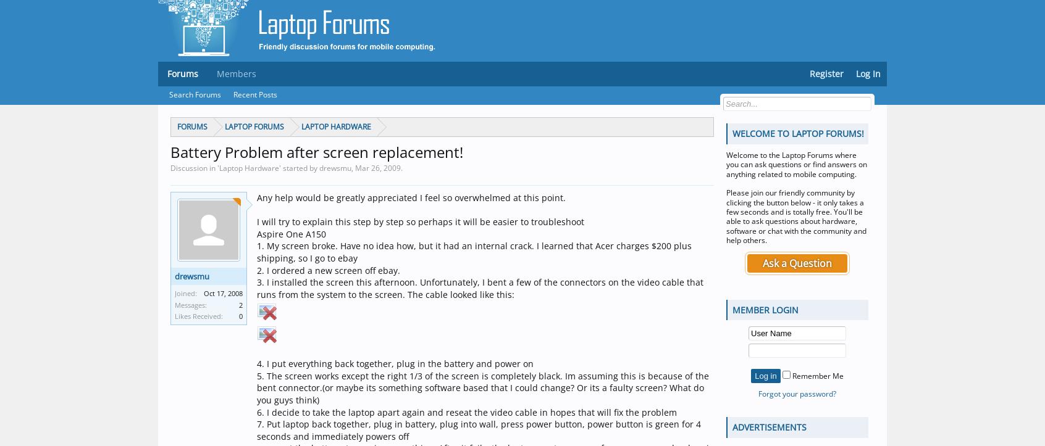  What do you see at coordinates (473, 251) in the screenshot?
I see `'1. My screen broke. Have no idea how, but it had an internal crack. I learned that Acer charges $200 plus shipping, so I go to ebay'` at bounding box center [473, 251].